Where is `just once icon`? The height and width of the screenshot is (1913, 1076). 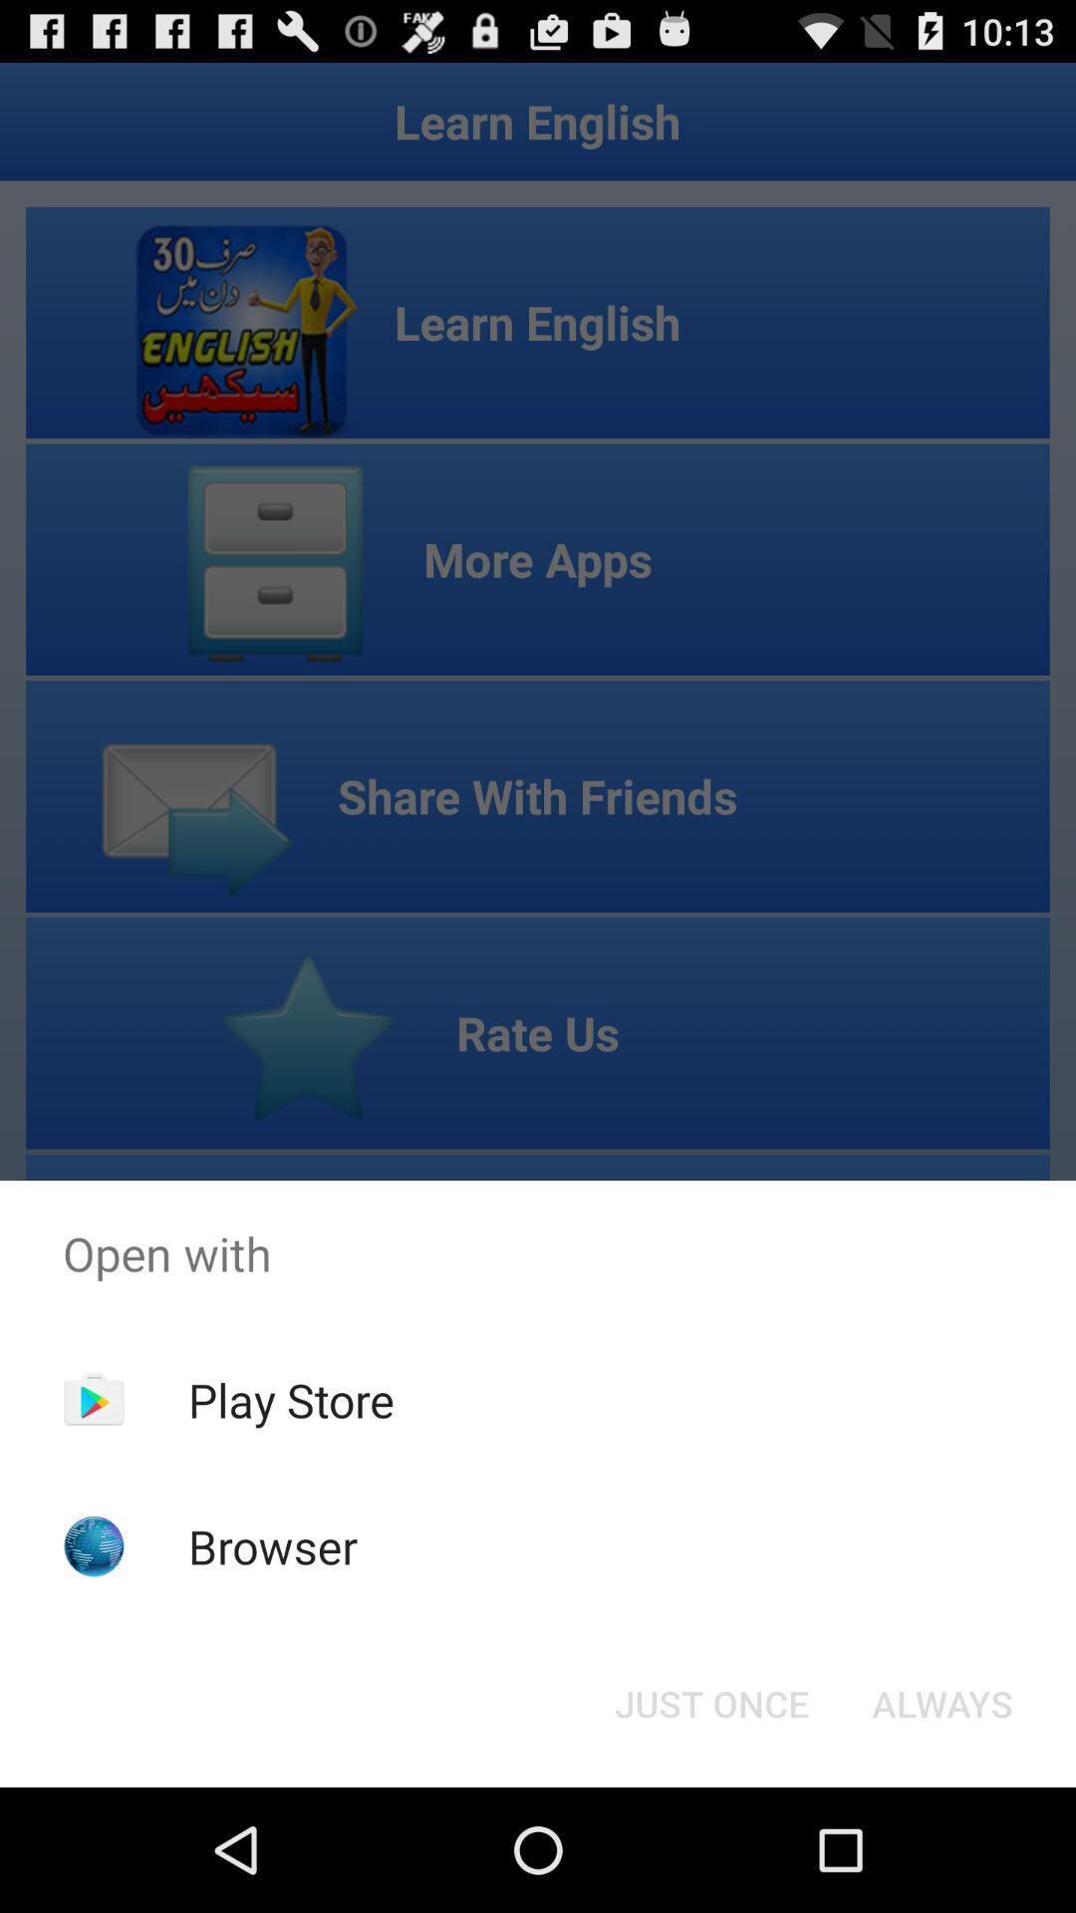 just once icon is located at coordinates (710, 1702).